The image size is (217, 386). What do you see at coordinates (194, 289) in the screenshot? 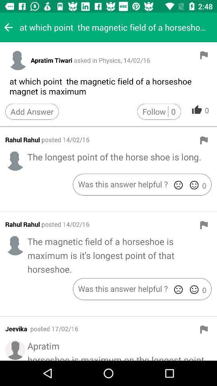
I see `leave positive feedback` at bounding box center [194, 289].